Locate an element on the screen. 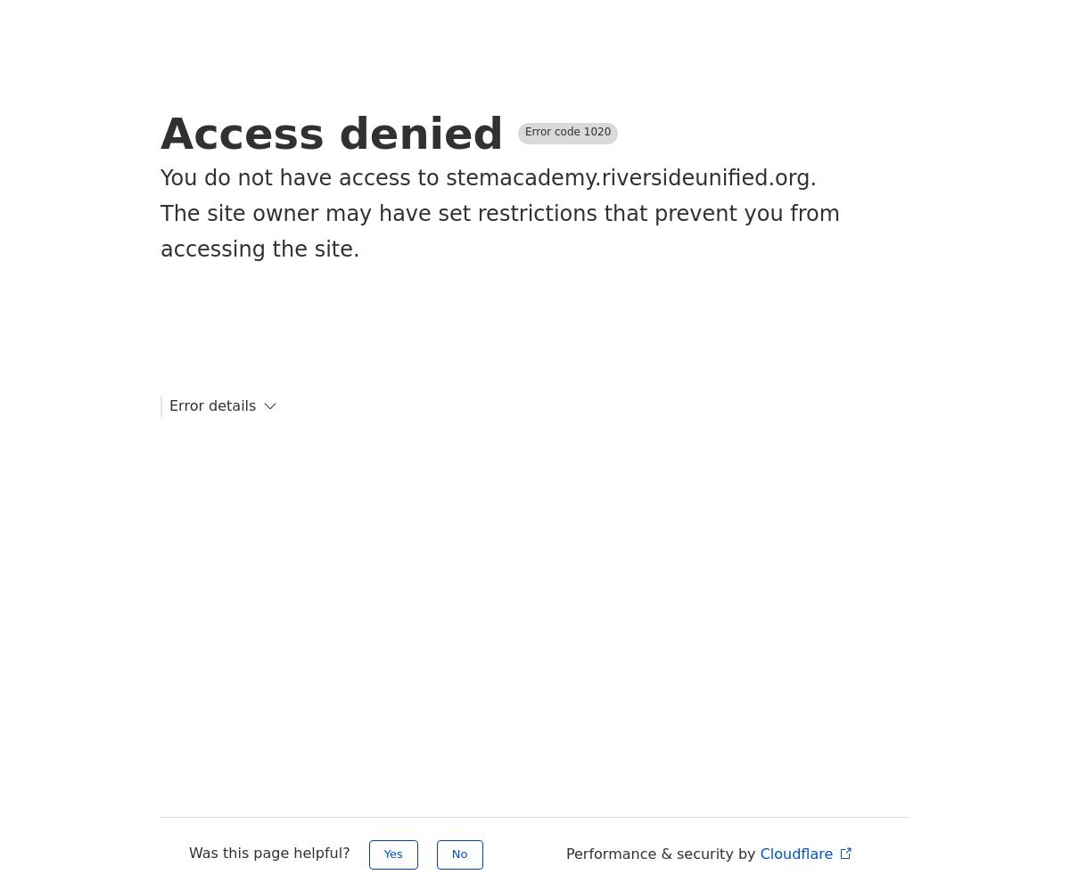 The height and width of the screenshot is (891, 1070). 'The site owner may have set restrictions that prevent you from accessing the site.' is located at coordinates (499, 232).